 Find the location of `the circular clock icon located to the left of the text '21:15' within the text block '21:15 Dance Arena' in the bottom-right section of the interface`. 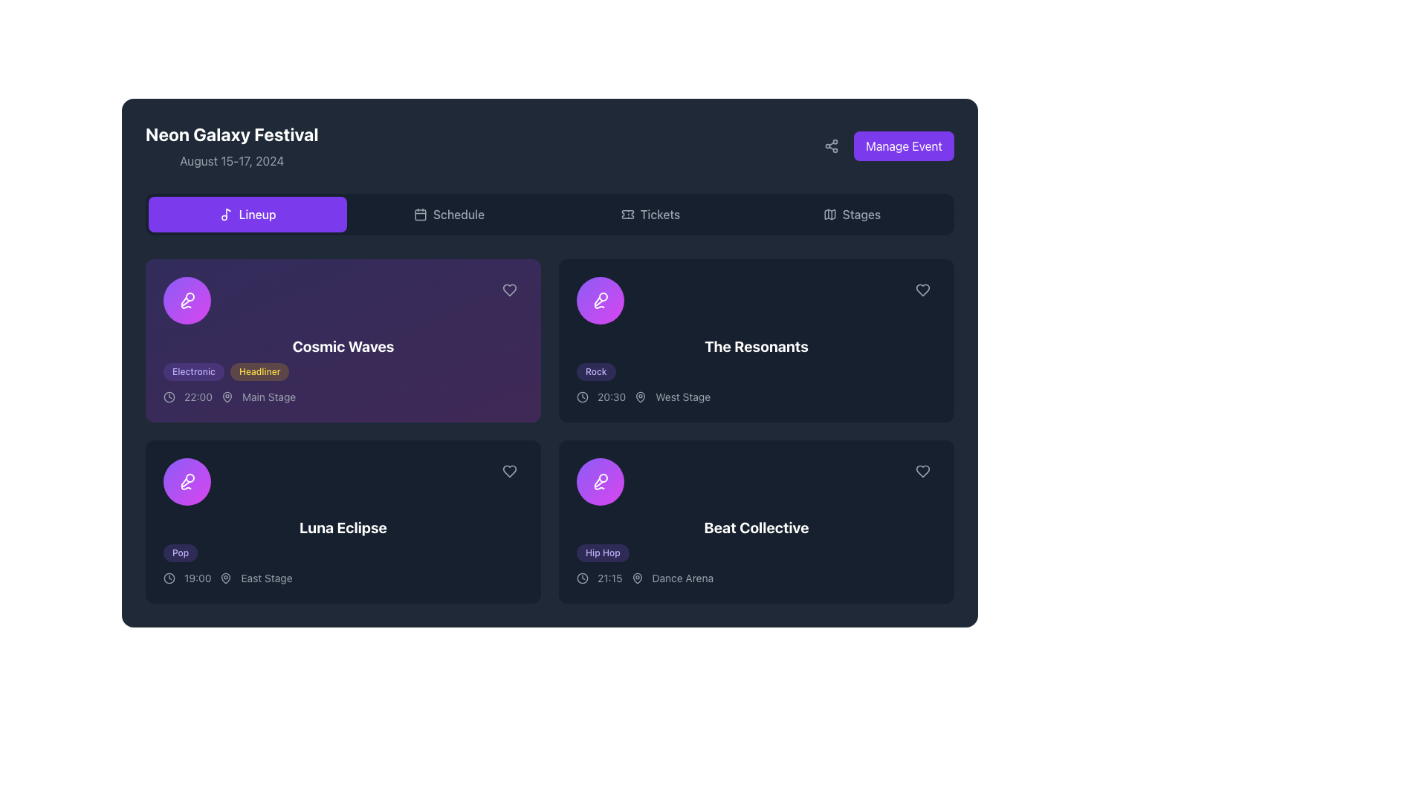

the circular clock icon located to the left of the text '21:15' within the text block '21:15 Dance Arena' in the bottom-right section of the interface is located at coordinates (581, 578).